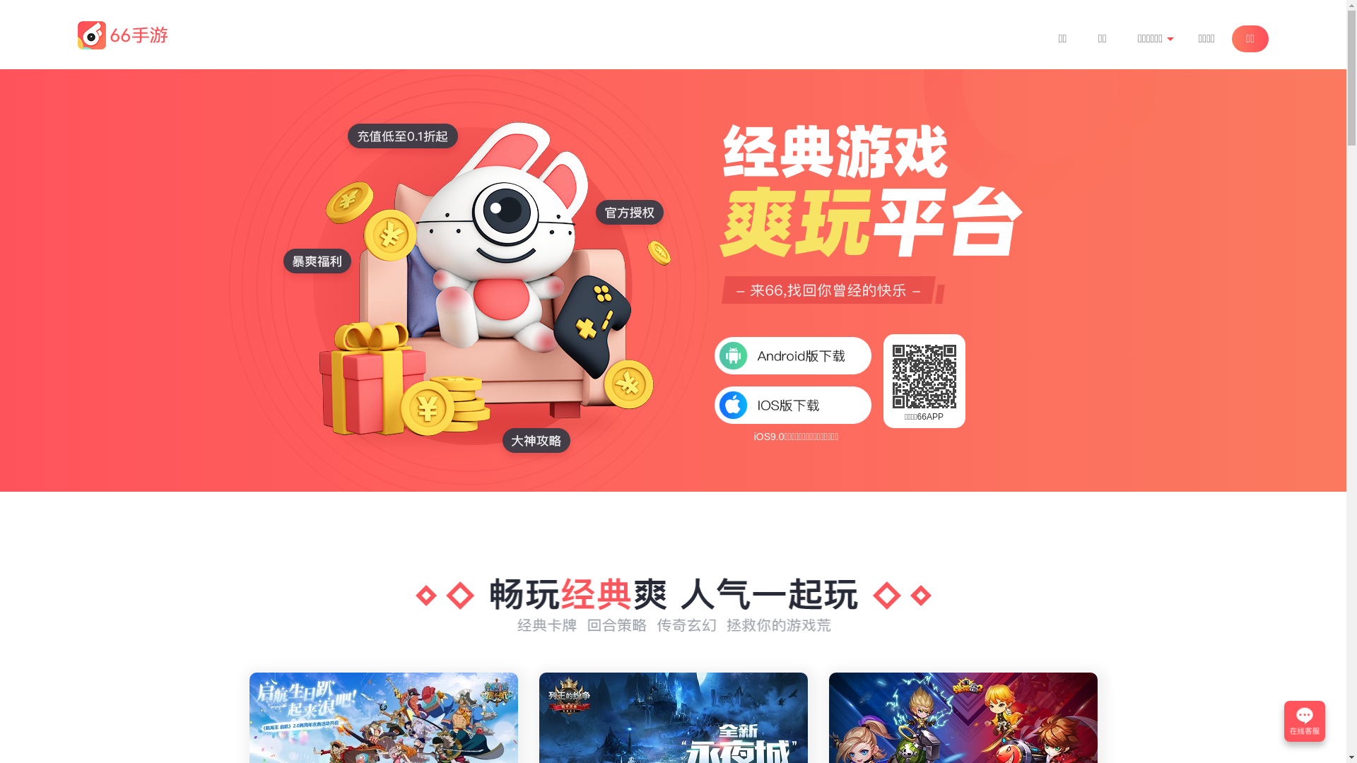 This screenshot has height=763, width=1357. I want to click on 'http://m.66shouyou.com/?from=pc&channelid=344257', so click(891, 375).